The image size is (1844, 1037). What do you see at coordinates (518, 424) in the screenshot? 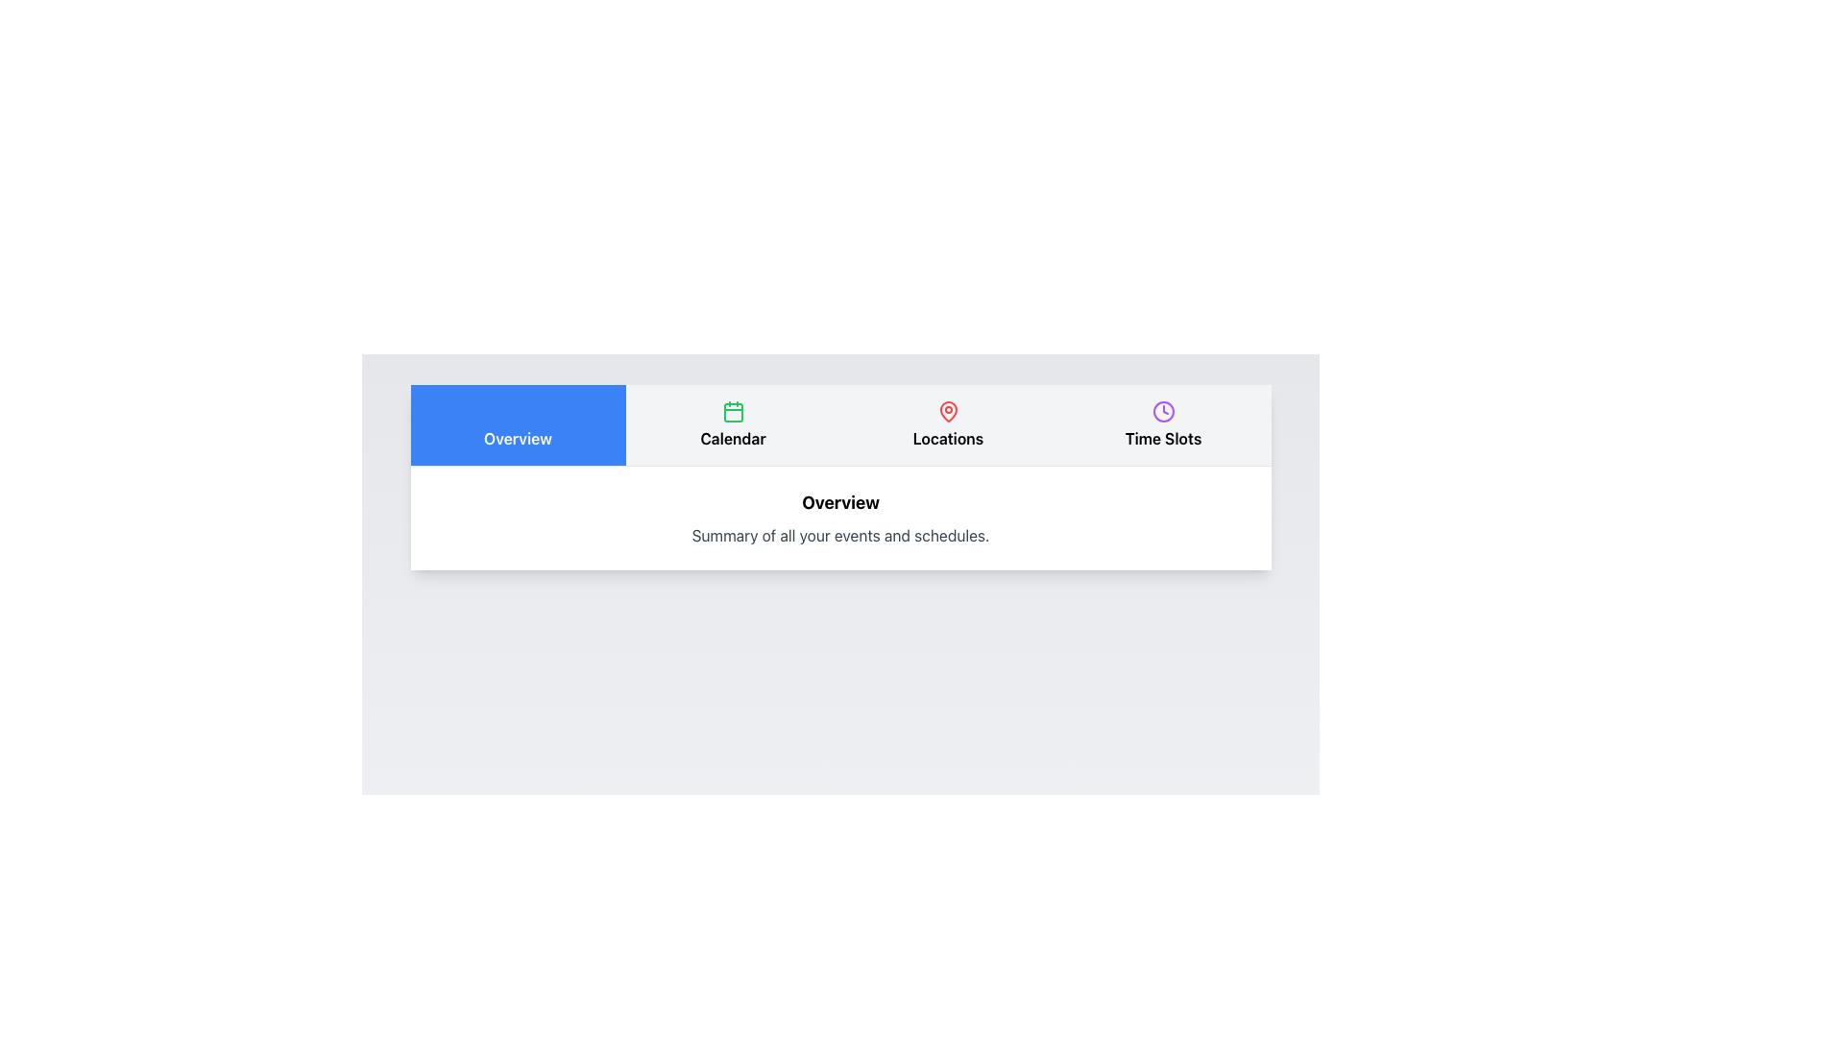
I see `the Overview button in the navigation bar` at bounding box center [518, 424].